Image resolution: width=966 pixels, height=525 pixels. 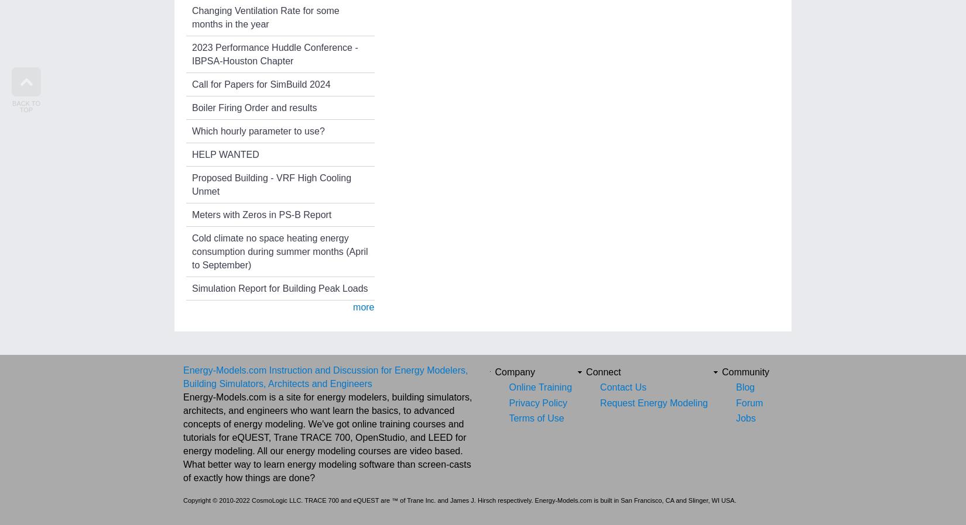 I want to click on 'Meters with Zeros in PS-B Report', so click(x=261, y=214).